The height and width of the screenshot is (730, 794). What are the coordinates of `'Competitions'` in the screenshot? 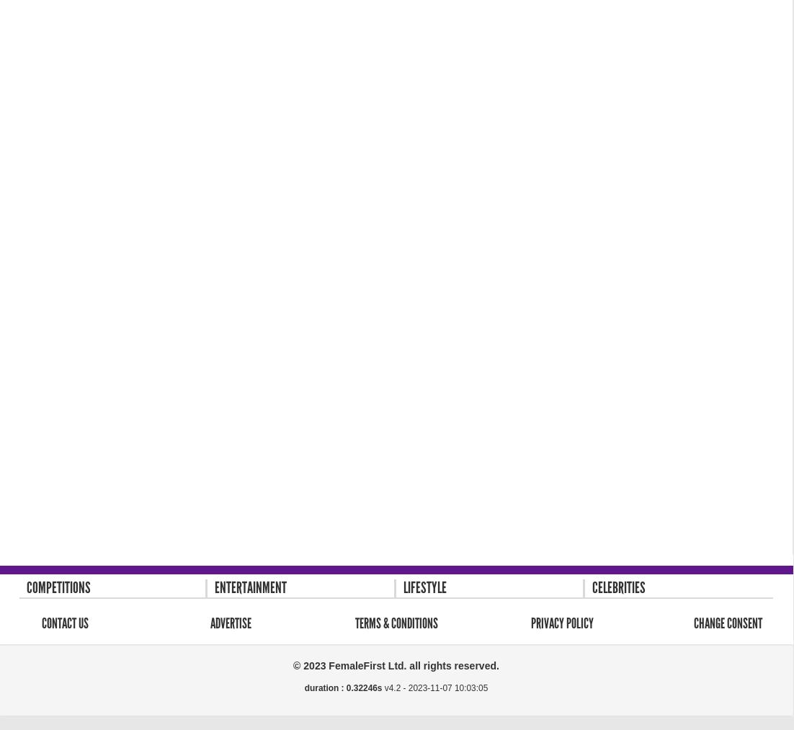 It's located at (58, 586).